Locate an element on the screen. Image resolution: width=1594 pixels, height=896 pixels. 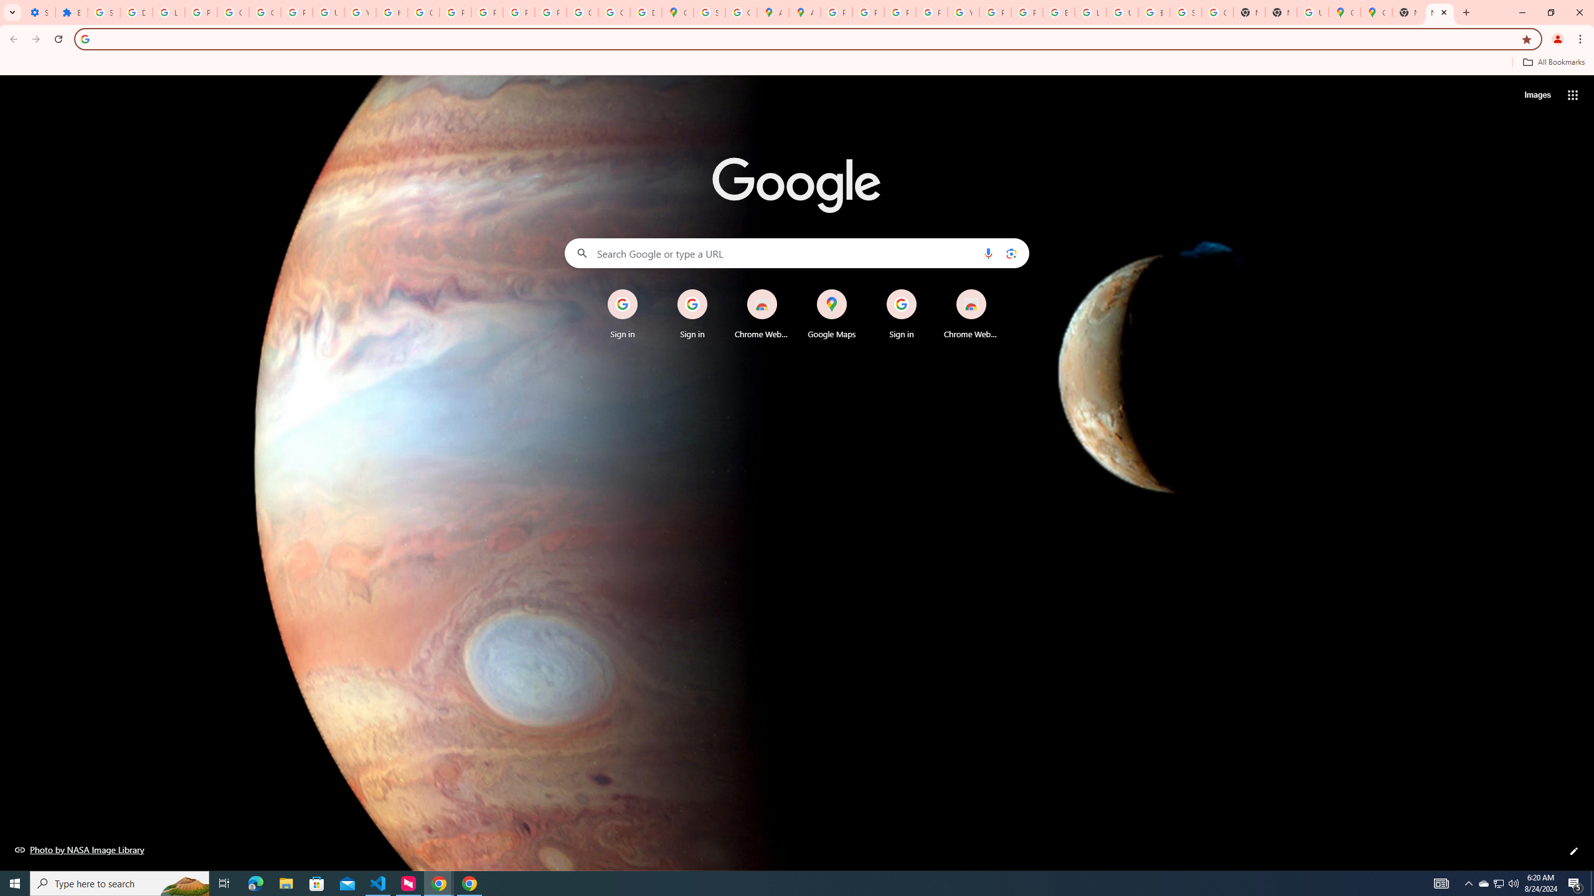
'Google Account Help' is located at coordinates (265, 12).